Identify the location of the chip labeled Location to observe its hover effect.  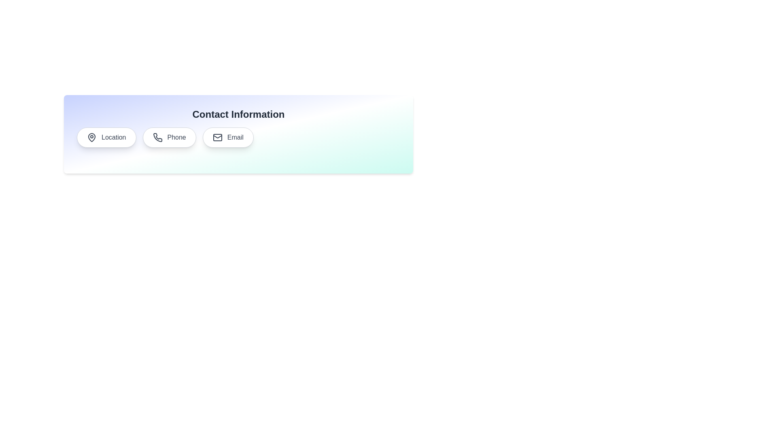
(106, 137).